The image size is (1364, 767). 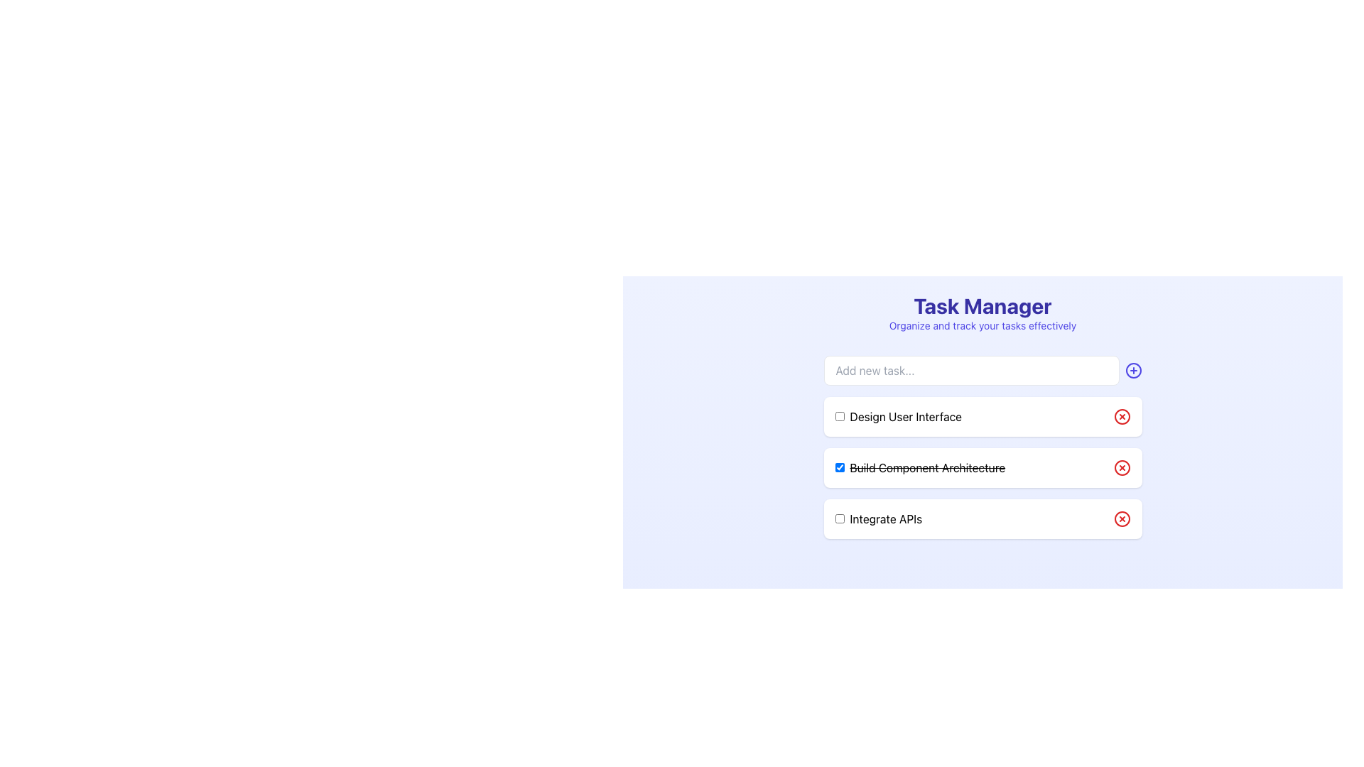 What do you see at coordinates (905, 415) in the screenshot?
I see `the text label for the task 'Design User Interface' in the task management interface` at bounding box center [905, 415].